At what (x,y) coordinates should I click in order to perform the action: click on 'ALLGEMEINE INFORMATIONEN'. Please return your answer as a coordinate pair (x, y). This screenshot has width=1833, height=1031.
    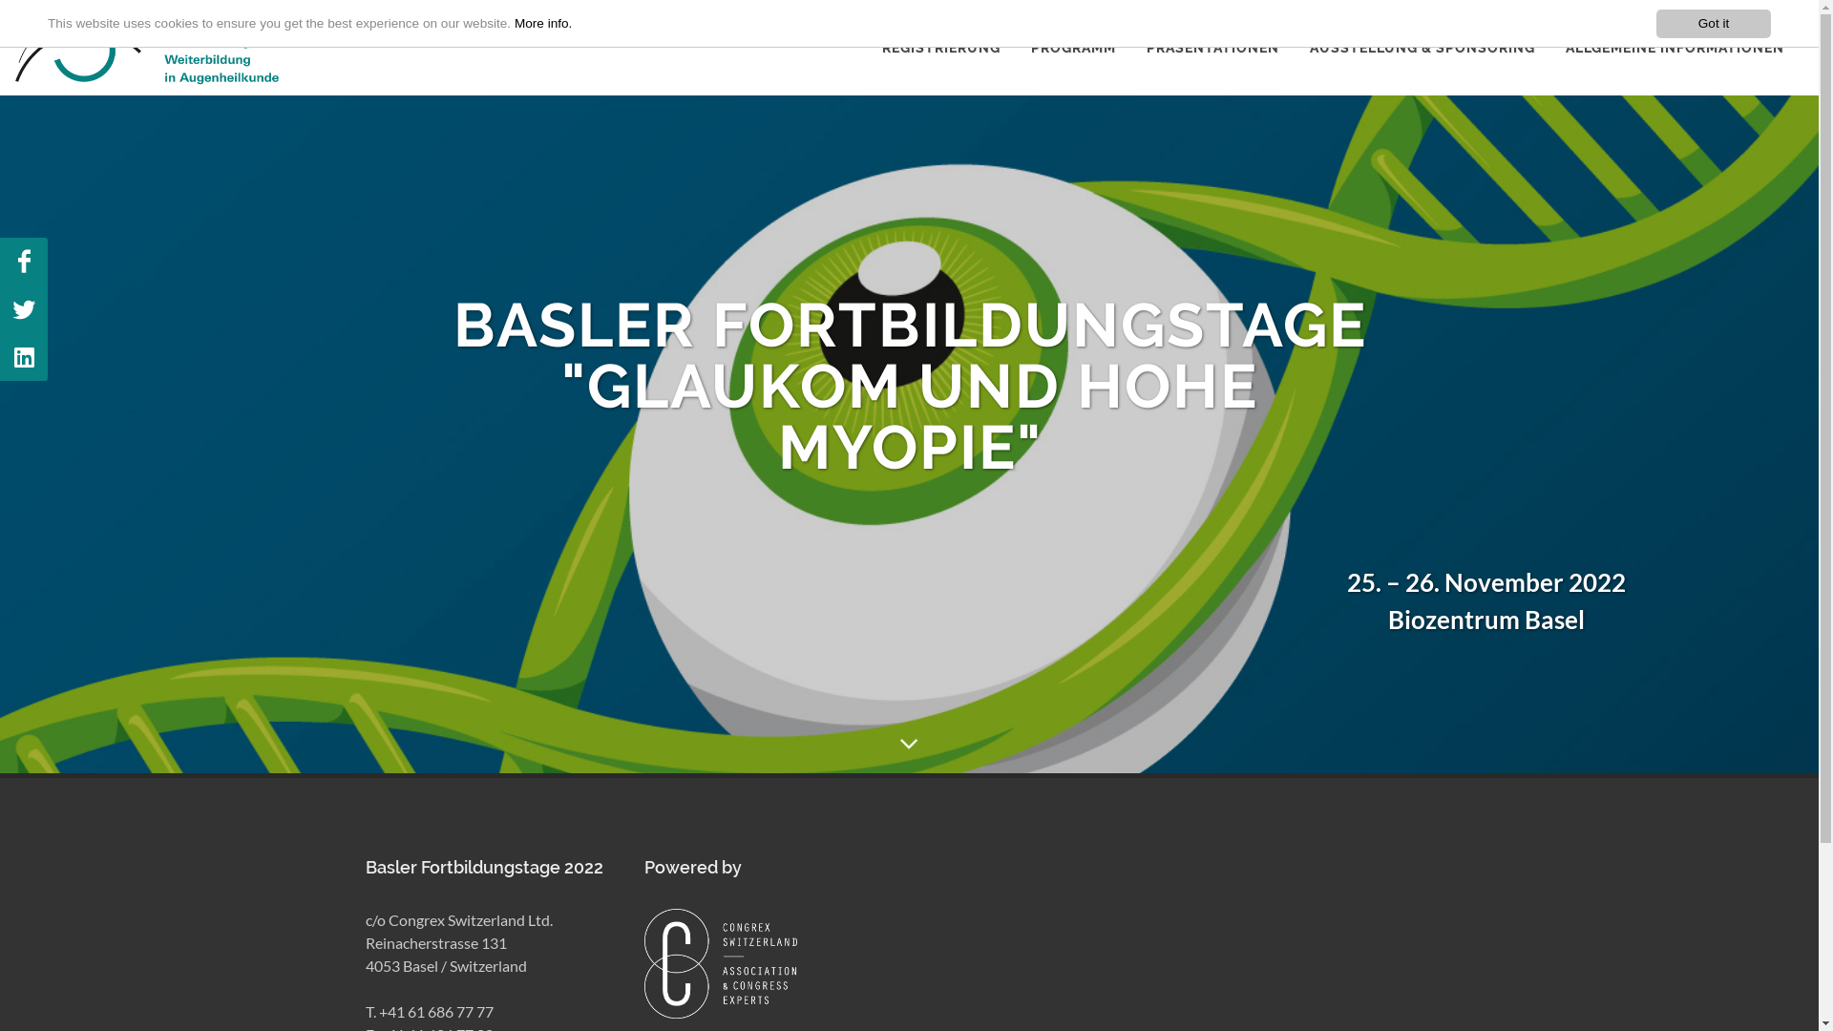
    Looking at the image, I should click on (1674, 47).